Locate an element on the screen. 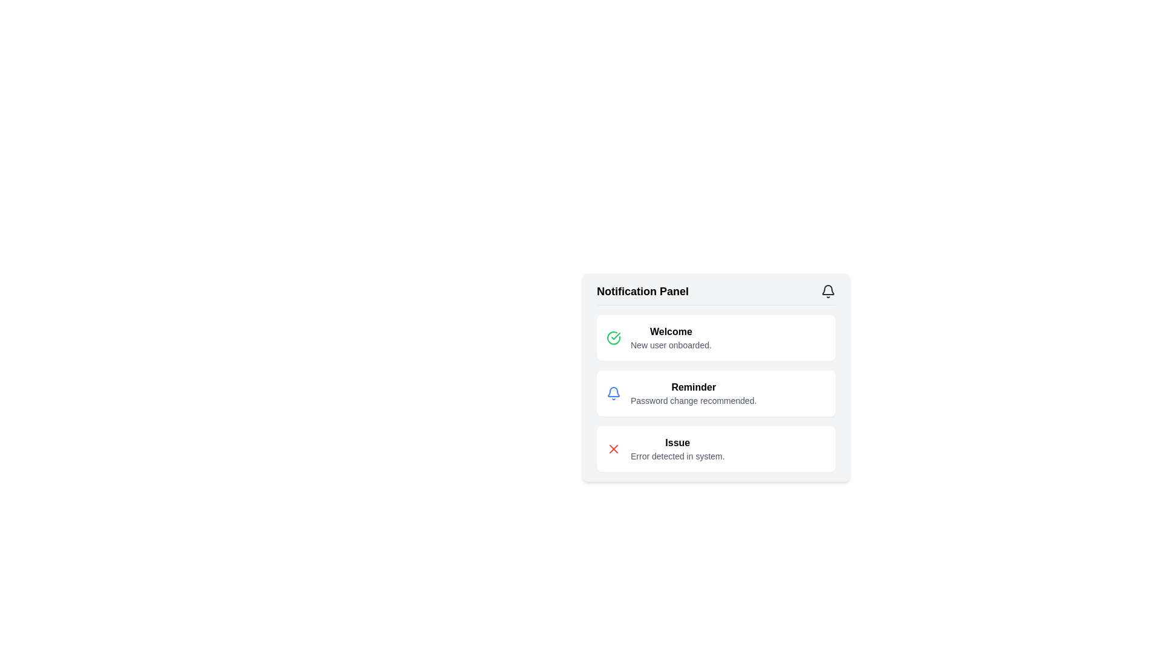 Image resolution: width=1160 pixels, height=652 pixels. the text label displaying 'Issue' in bold within the Notification Panel, located below the title 'Reminder' is located at coordinates (677, 443).